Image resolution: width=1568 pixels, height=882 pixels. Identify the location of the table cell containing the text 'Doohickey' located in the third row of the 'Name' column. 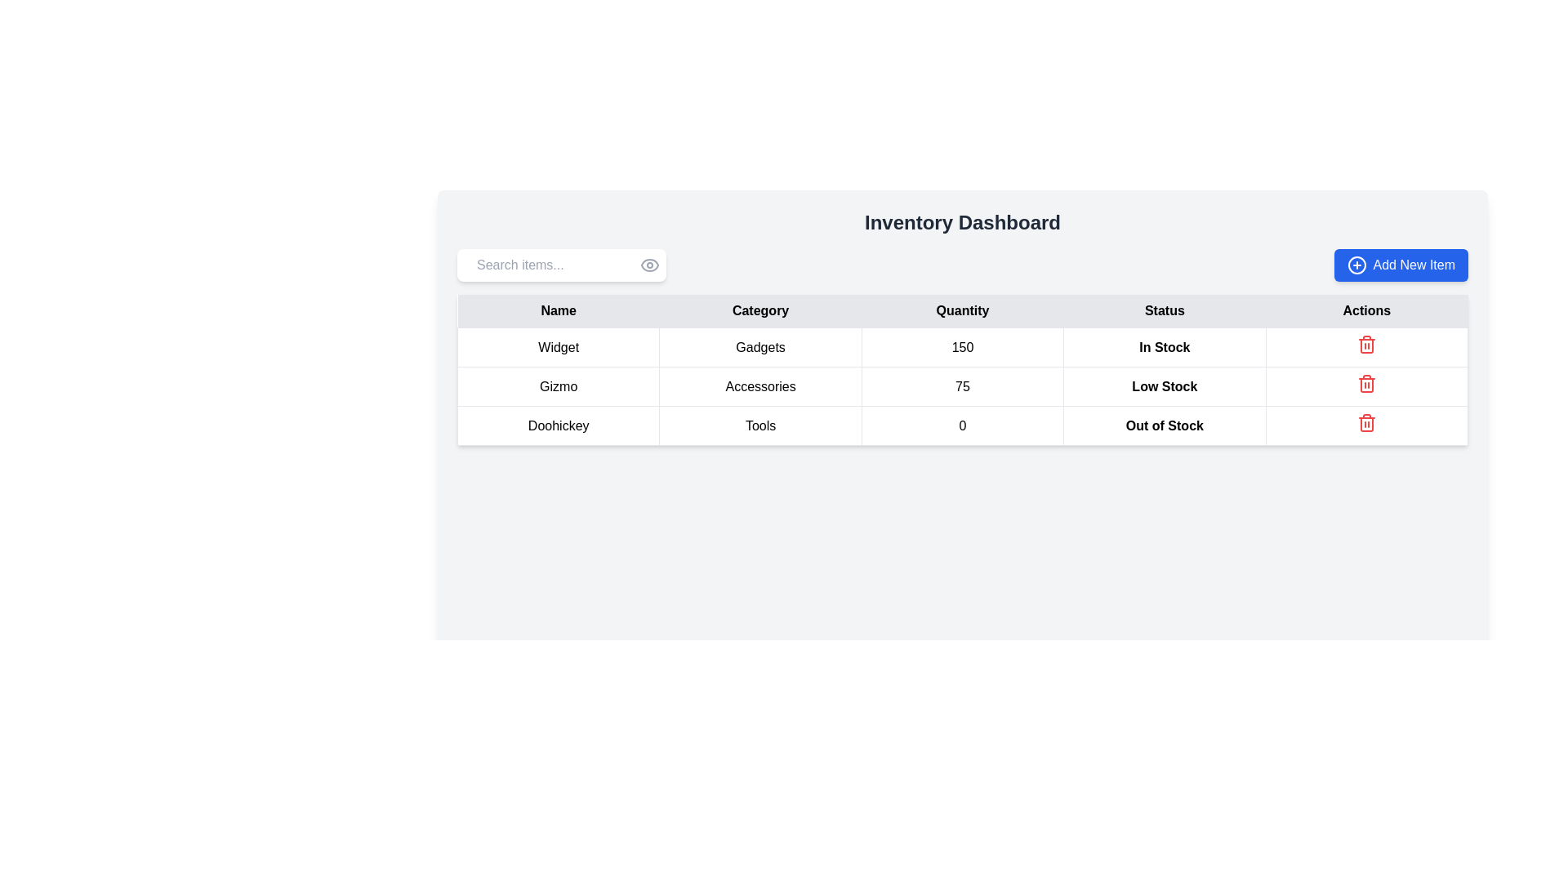
(559, 425).